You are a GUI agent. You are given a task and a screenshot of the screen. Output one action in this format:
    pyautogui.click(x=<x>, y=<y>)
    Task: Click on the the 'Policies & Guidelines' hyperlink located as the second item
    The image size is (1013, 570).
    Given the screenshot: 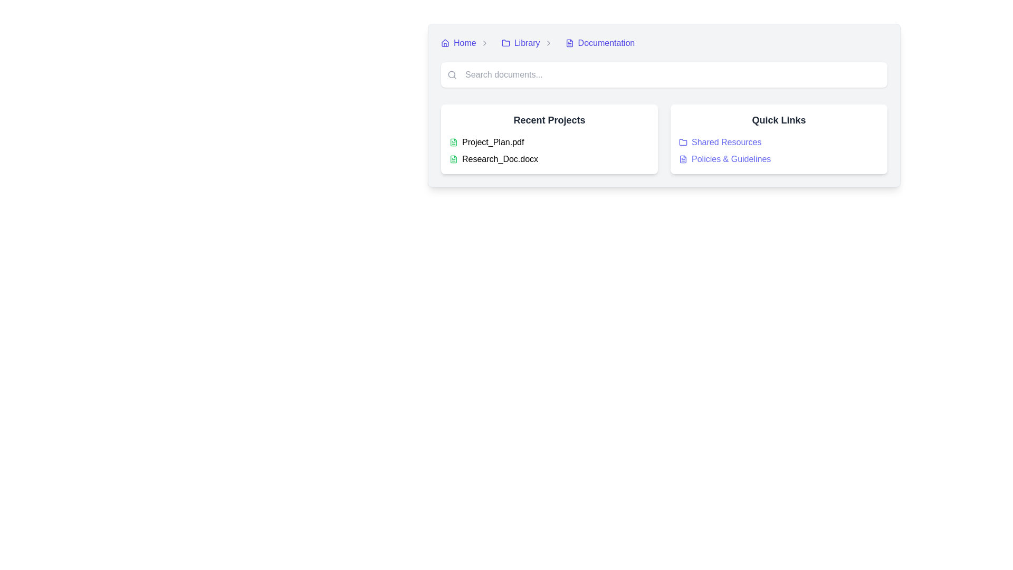 What is the action you would take?
    pyautogui.click(x=779, y=150)
    